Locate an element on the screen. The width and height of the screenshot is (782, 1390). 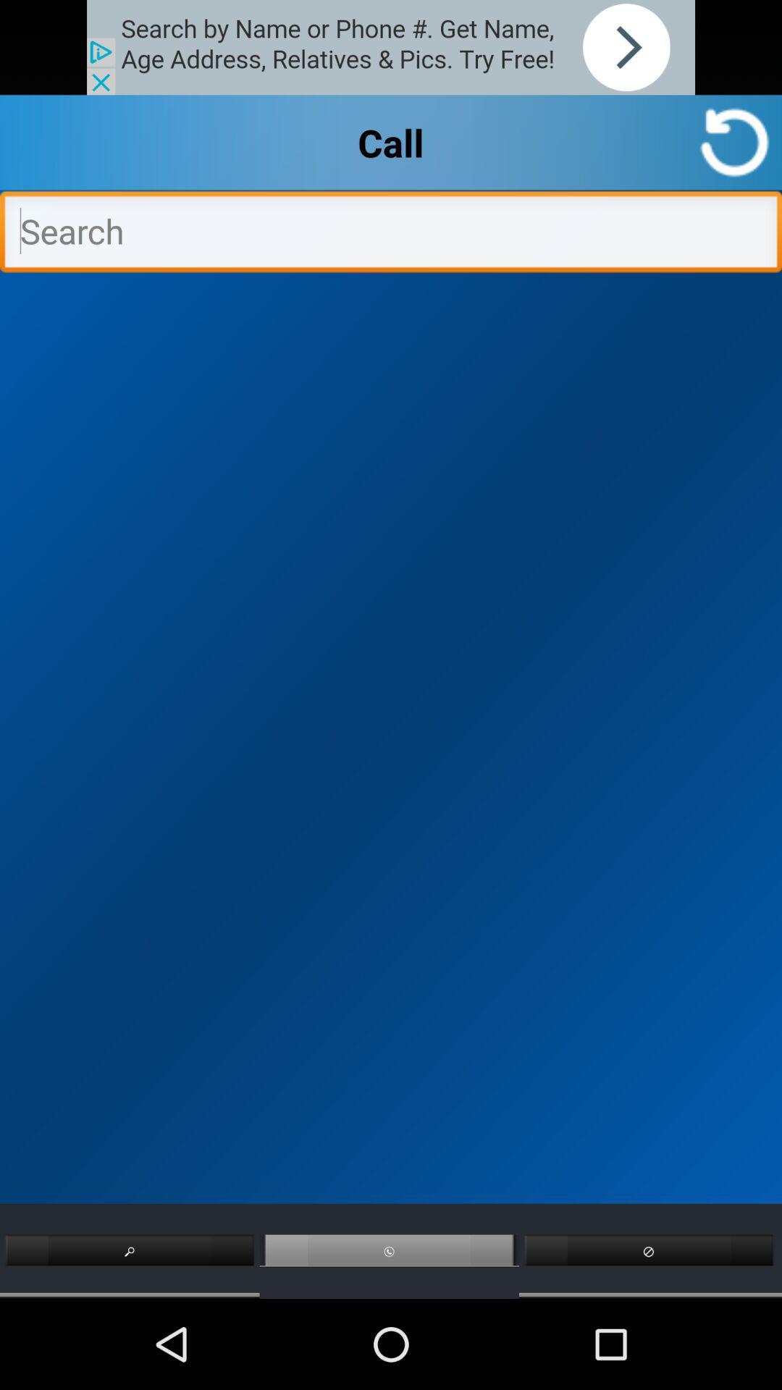
text to search is located at coordinates (391, 235).